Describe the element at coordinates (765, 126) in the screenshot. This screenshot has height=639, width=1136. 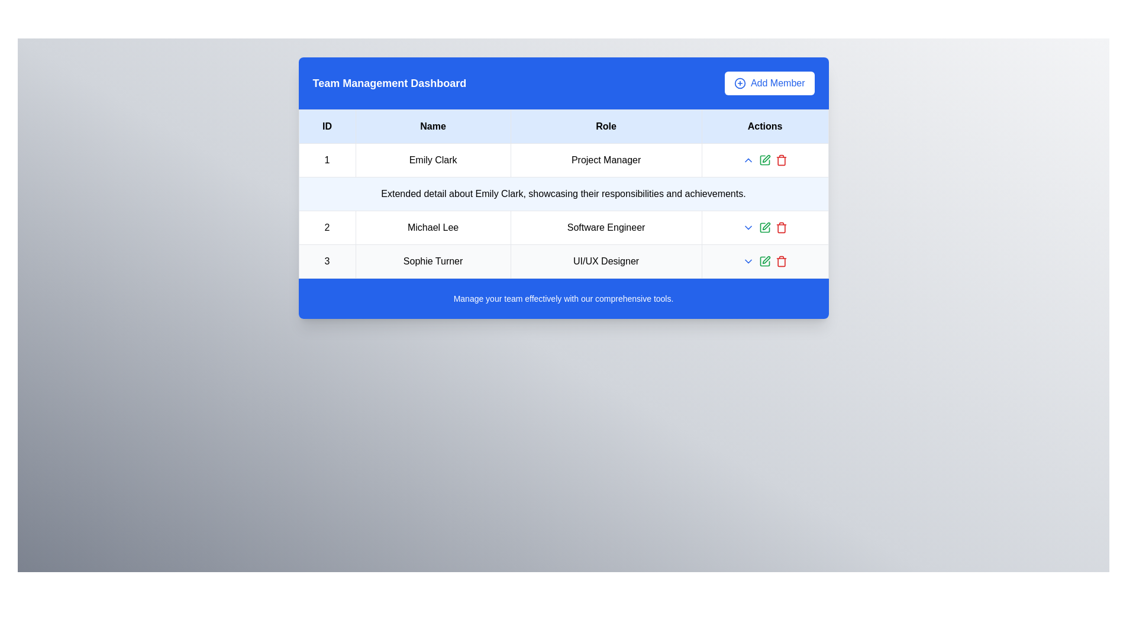
I see `the 'Actions' text label element, which is the fourth cell in a row of four table headers, displayed in bold black text on a light blue background` at that location.